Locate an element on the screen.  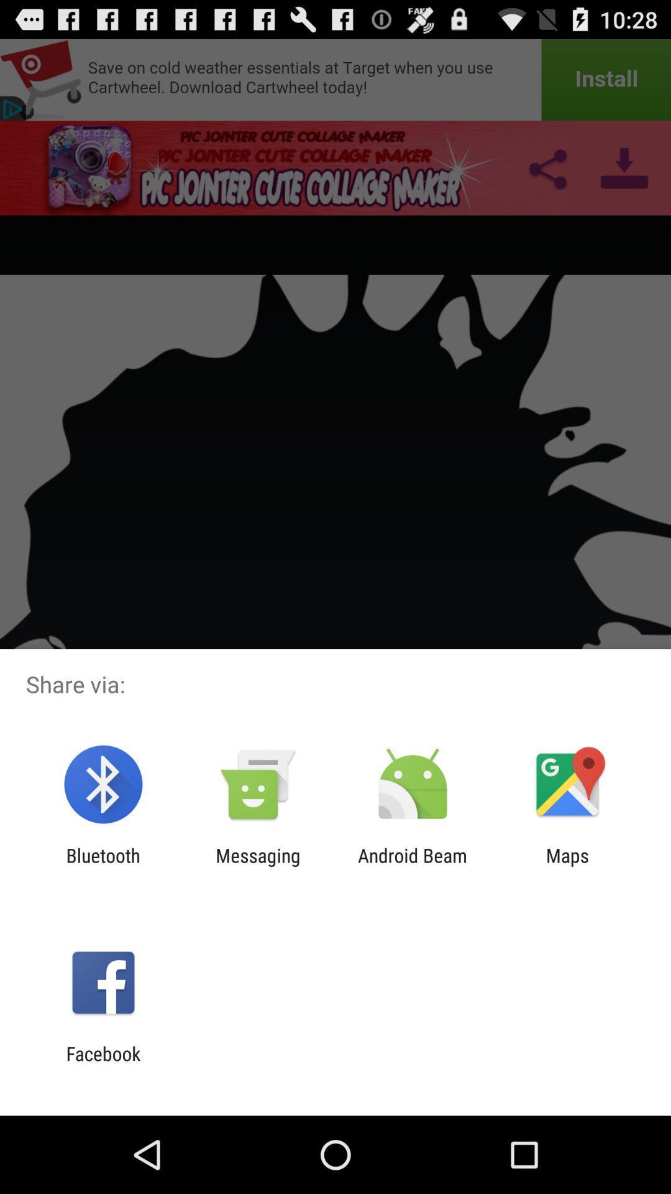
the messaging icon is located at coordinates (257, 866).